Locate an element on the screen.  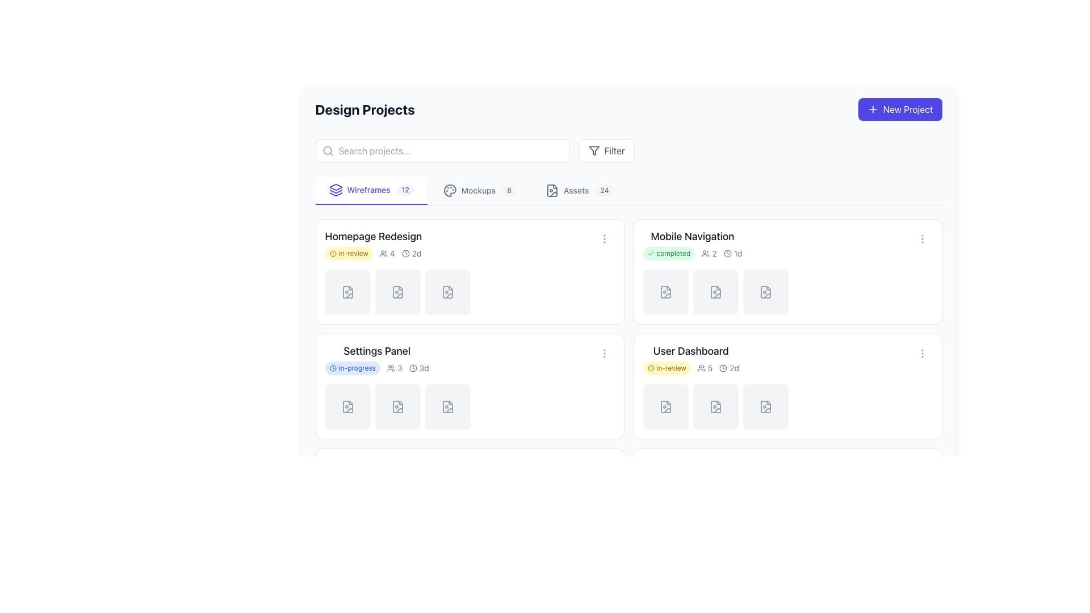
the details displayed by the user count label in the 'User Dashboard' section, which includes an icon and text indicating the number of users is located at coordinates (705, 368).